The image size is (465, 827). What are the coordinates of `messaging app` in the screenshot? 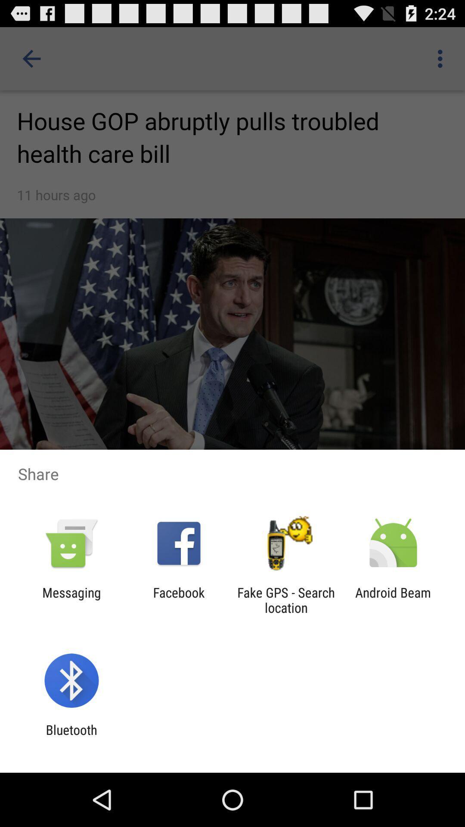 It's located at (71, 600).